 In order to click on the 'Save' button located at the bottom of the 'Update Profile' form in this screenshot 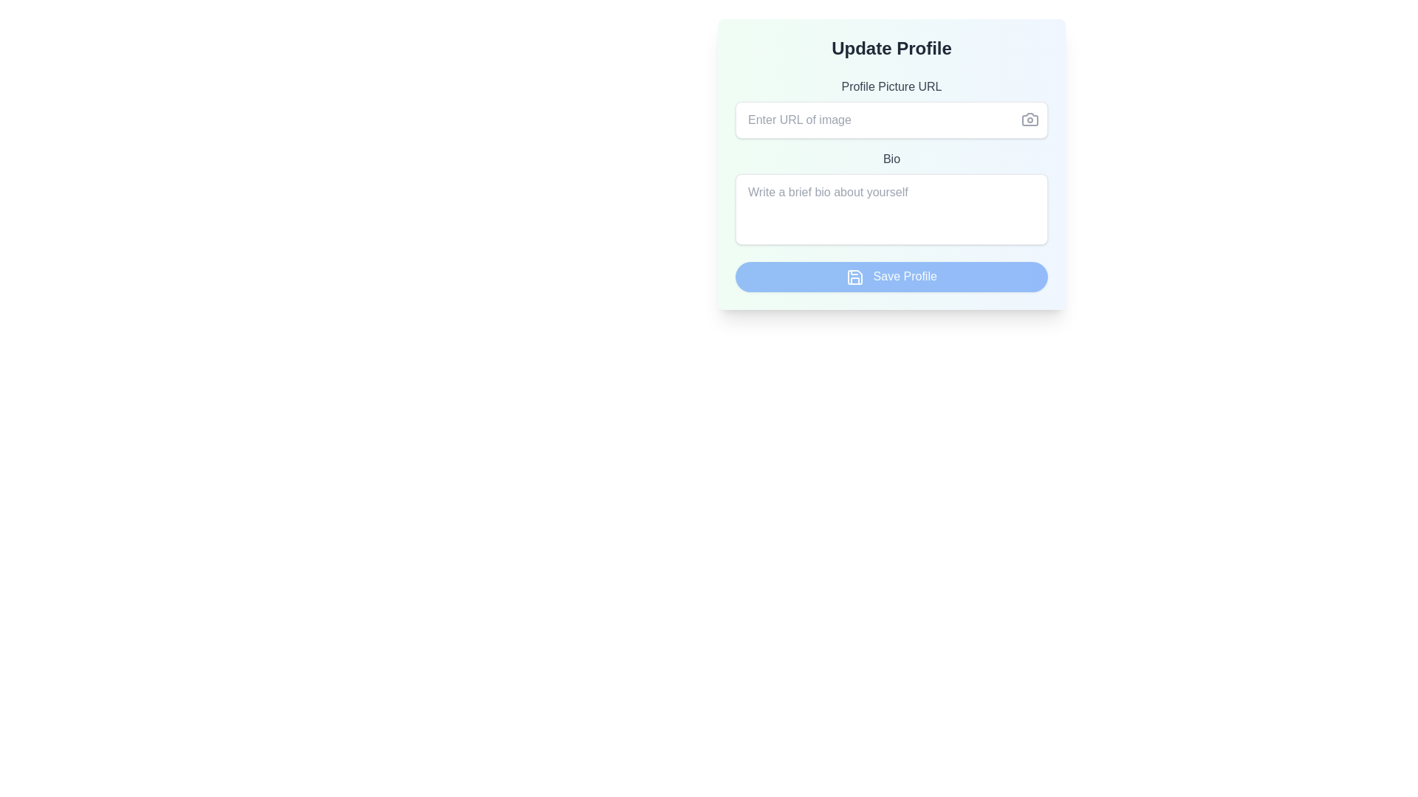, I will do `click(891, 277)`.